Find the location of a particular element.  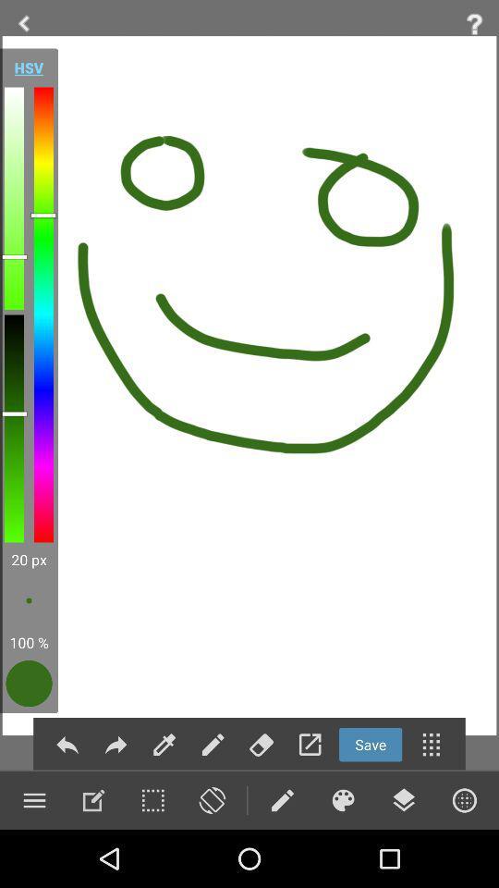

menu is located at coordinates (463, 799).